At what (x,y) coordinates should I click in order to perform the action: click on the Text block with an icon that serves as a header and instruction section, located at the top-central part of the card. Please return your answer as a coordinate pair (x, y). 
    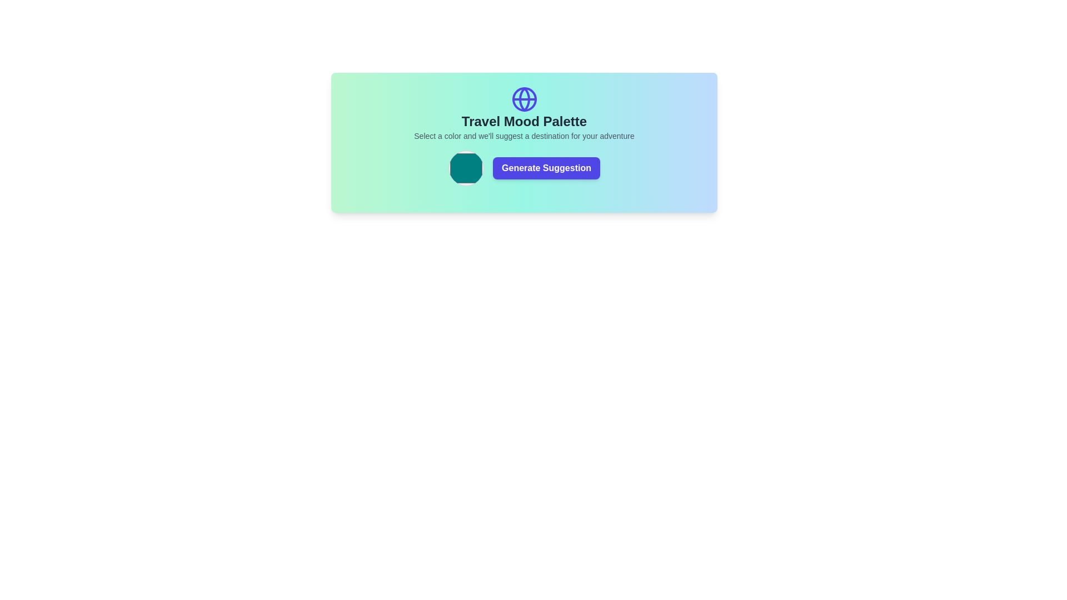
    Looking at the image, I should click on (523, 113).